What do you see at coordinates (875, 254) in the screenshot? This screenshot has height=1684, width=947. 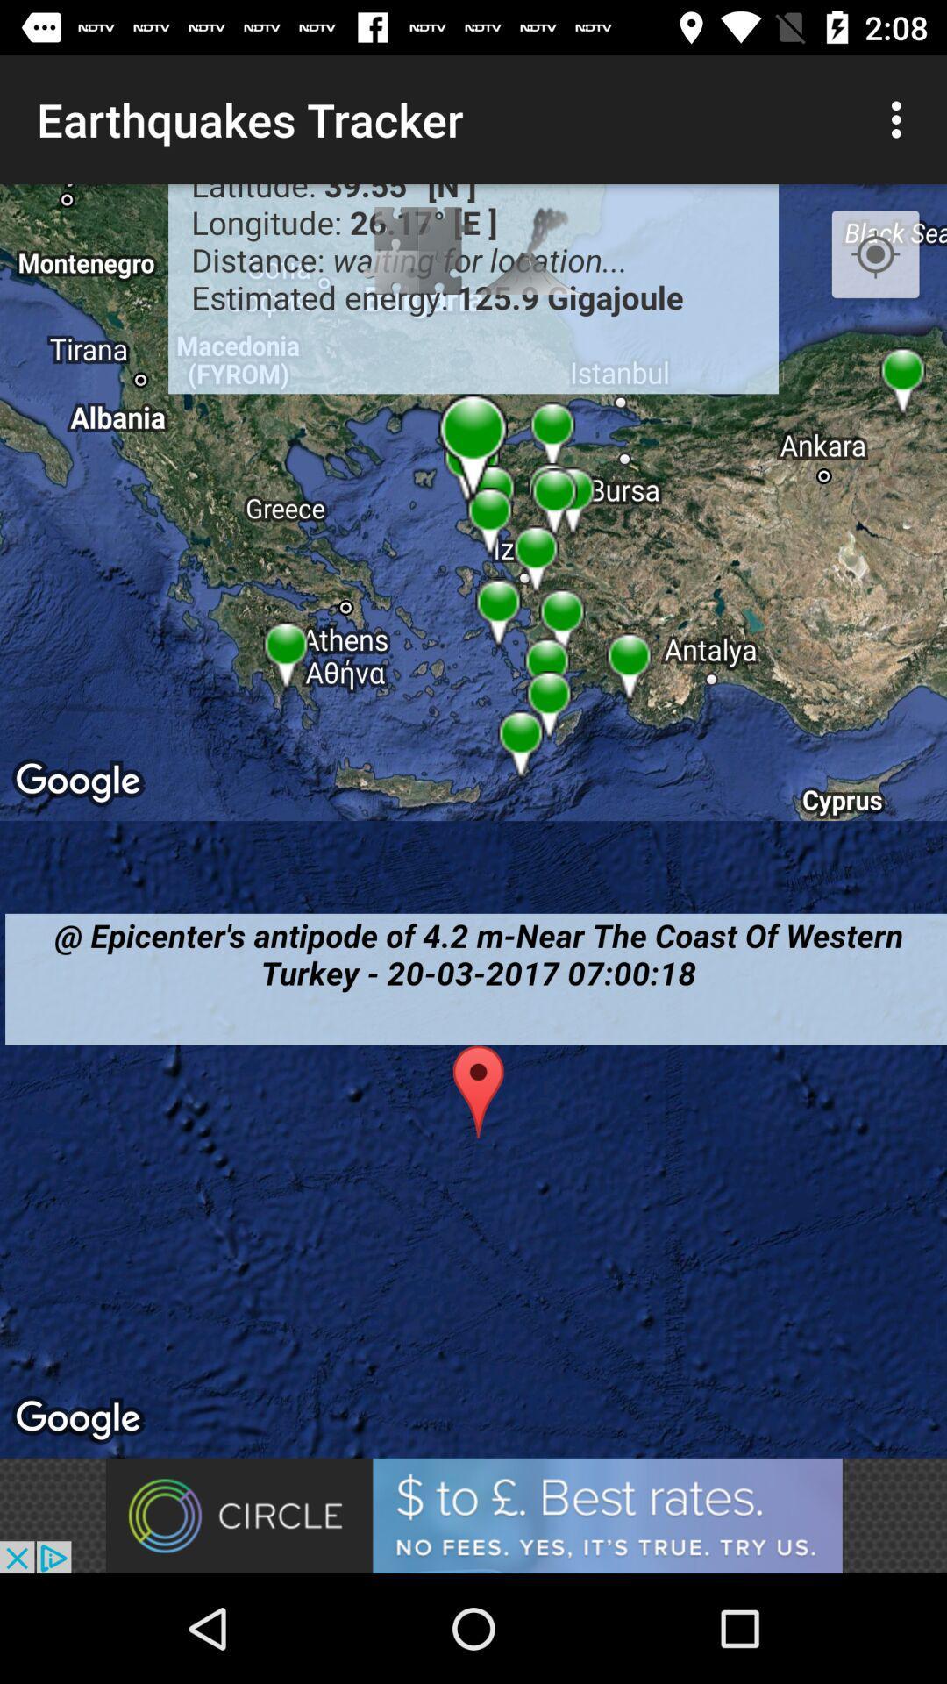 I see `the location_crosshair icon` at bounding box center [875, 254].